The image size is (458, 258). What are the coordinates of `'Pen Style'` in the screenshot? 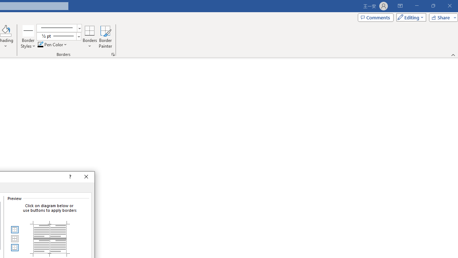 It's located at (59, 28).